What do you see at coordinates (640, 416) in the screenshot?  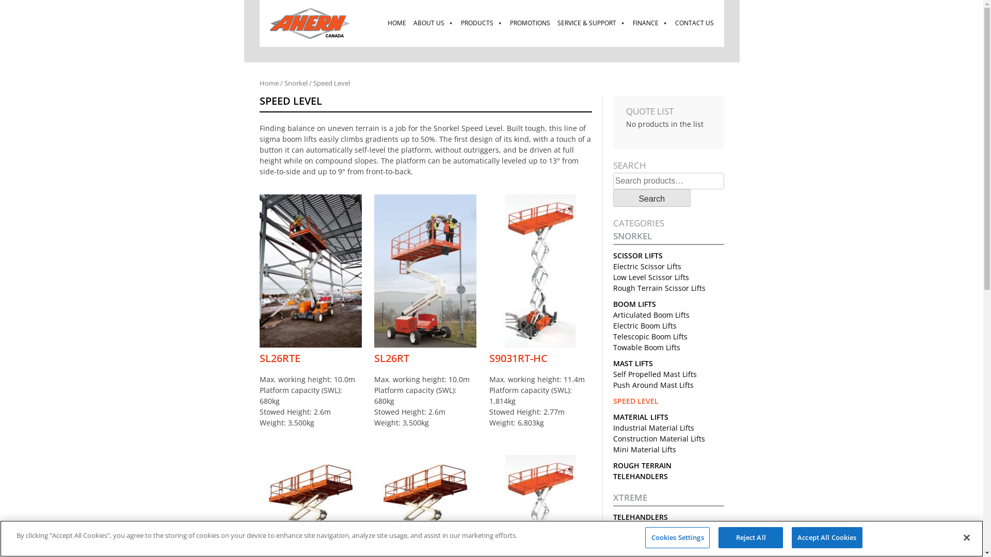 I see `'MATERIAL LIFTS'` at bounding box center [640, 416].